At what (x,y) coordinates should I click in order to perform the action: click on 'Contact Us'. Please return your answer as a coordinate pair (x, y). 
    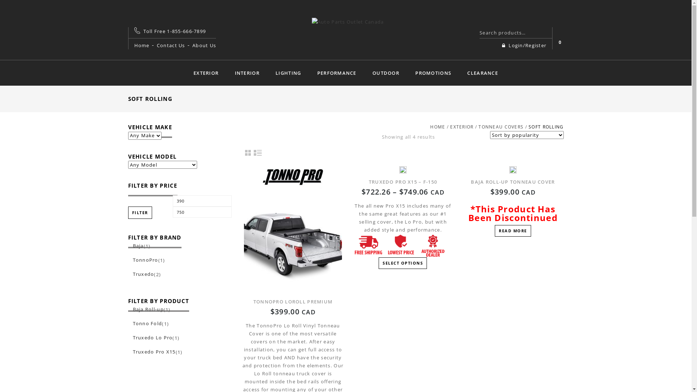
    Looking at the image, I should click on (170, 45).